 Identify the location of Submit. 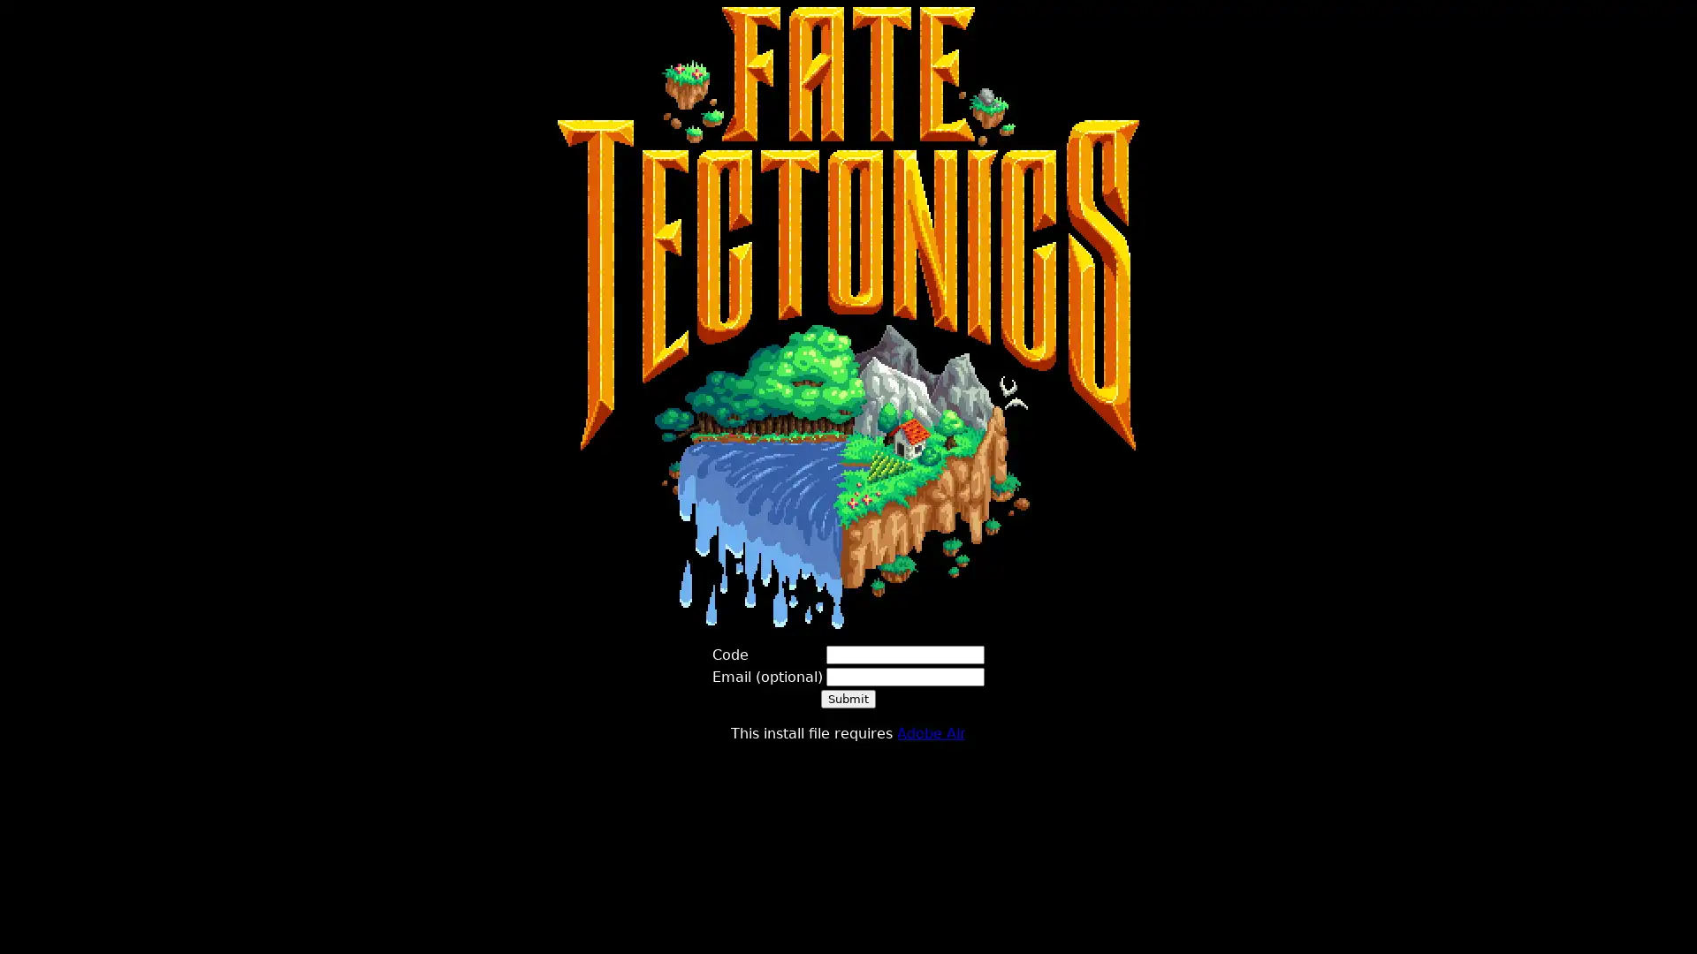
(848, 698).